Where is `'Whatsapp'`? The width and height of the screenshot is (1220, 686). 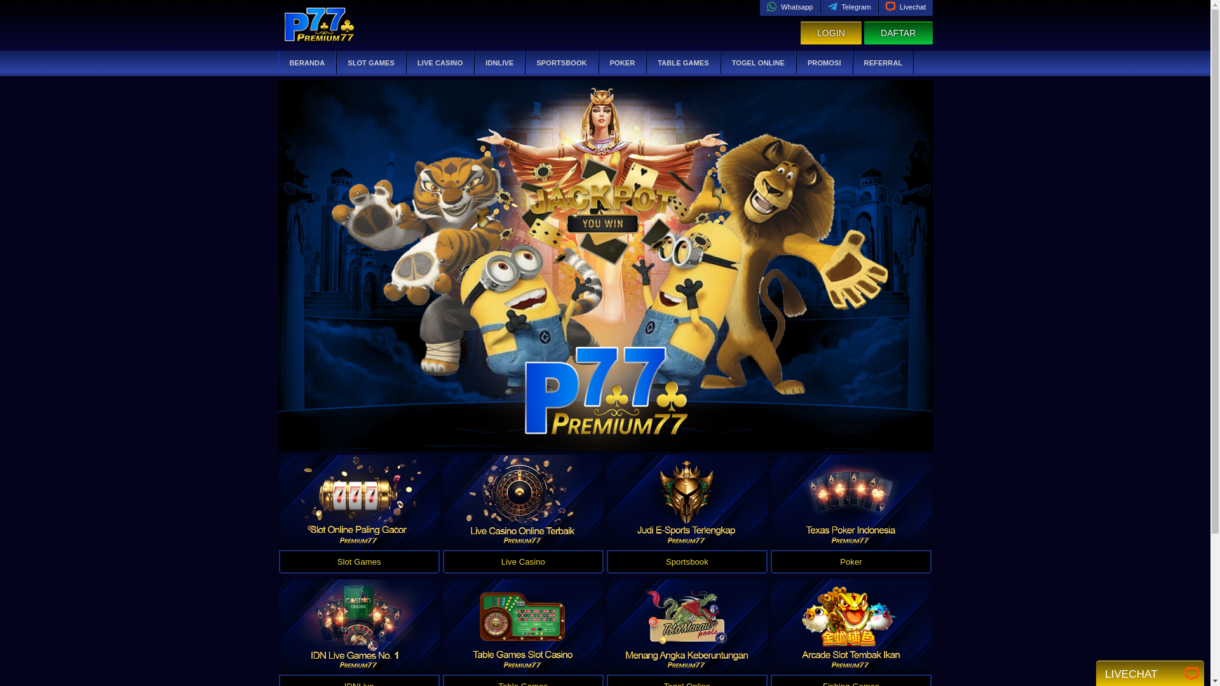 'Whatsapp' is located at coordinates (789, 7).